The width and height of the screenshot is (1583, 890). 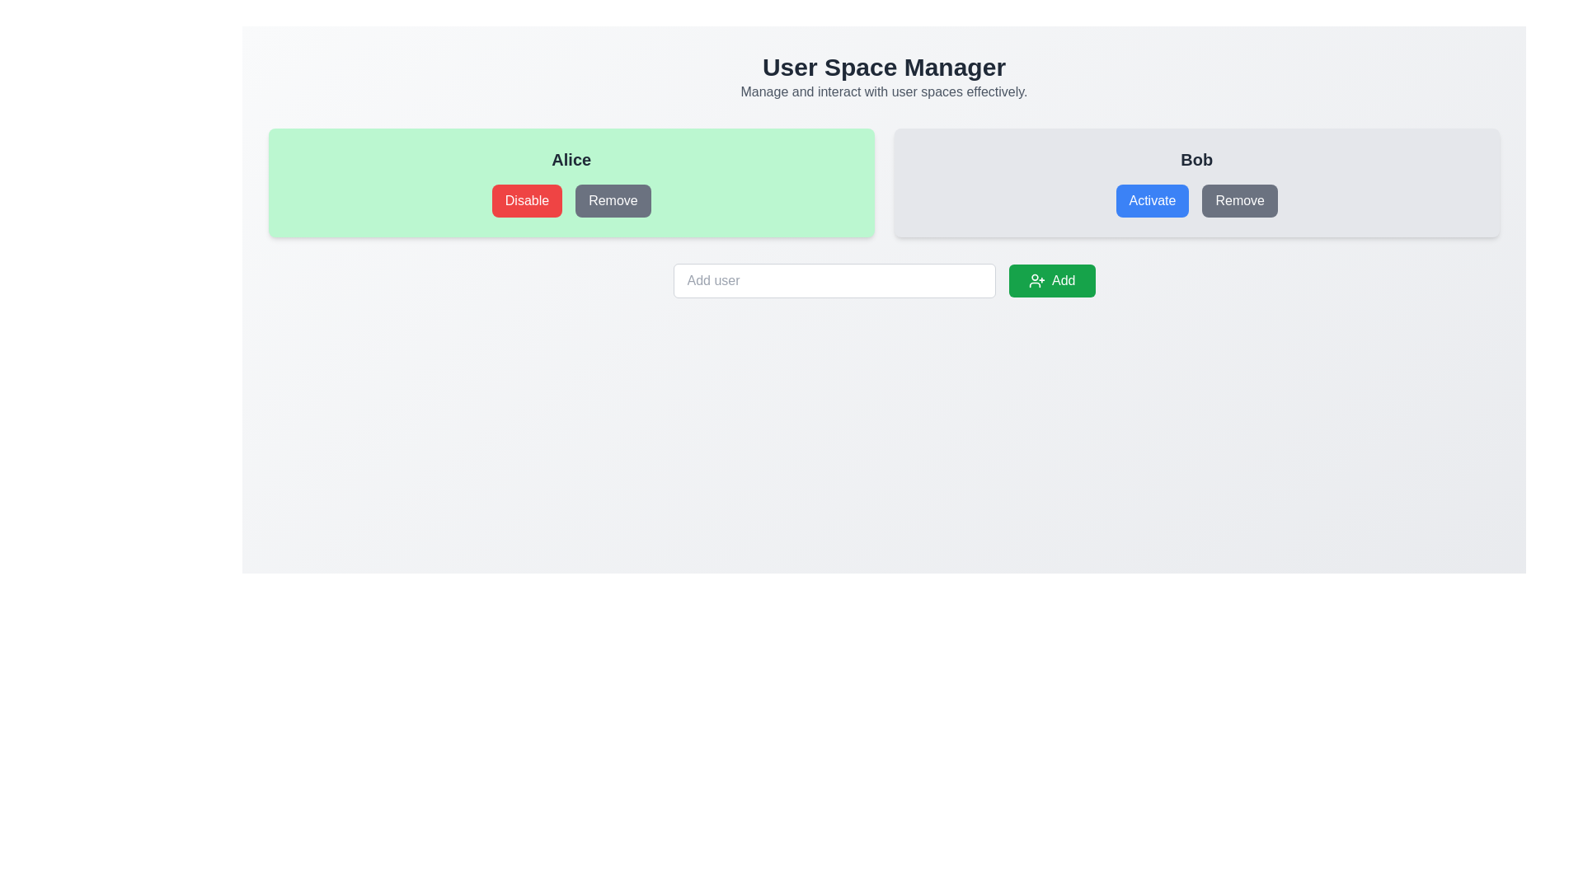 What do you see at coordinates (883, 66) in the screenshot?
I see `the header text 'User Space Manager', which is styled in bold dark gray and serves as the main title of the interface` at bounding box center [883, 66].